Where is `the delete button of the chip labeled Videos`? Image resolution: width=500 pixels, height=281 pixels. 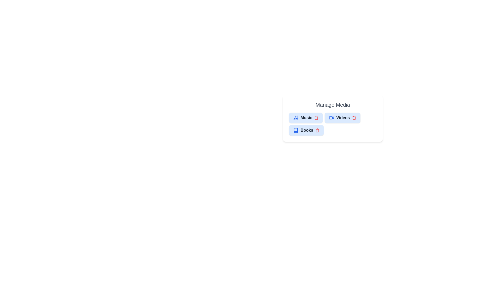
the delete button of the chip labeled Videos is located at coordinates (354, 118).